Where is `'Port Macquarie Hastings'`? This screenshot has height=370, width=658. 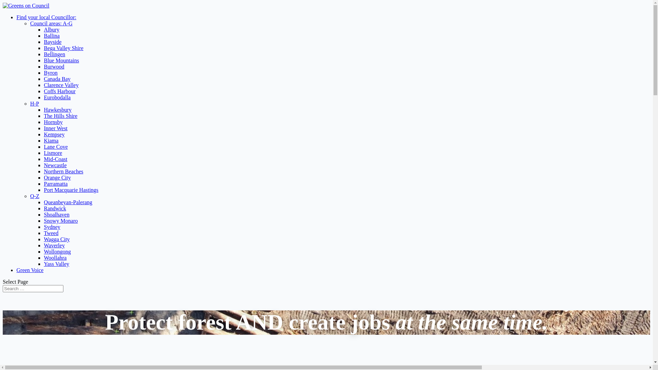 'Port Macquarie Hastings' is located at coordinates (71, 190).